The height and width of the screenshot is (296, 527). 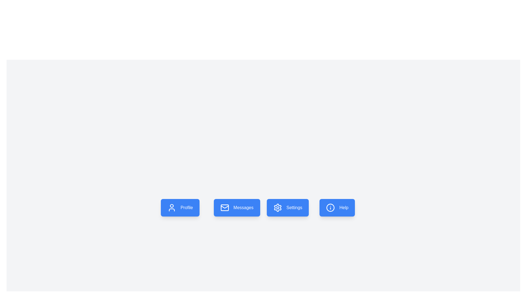 I want to click on the 'Help' button, which is a rectangular button with a white font label and blue background, located at the bottom-center of the interface, adjacent to the 'Settings' button, so click(x=337, y=208).